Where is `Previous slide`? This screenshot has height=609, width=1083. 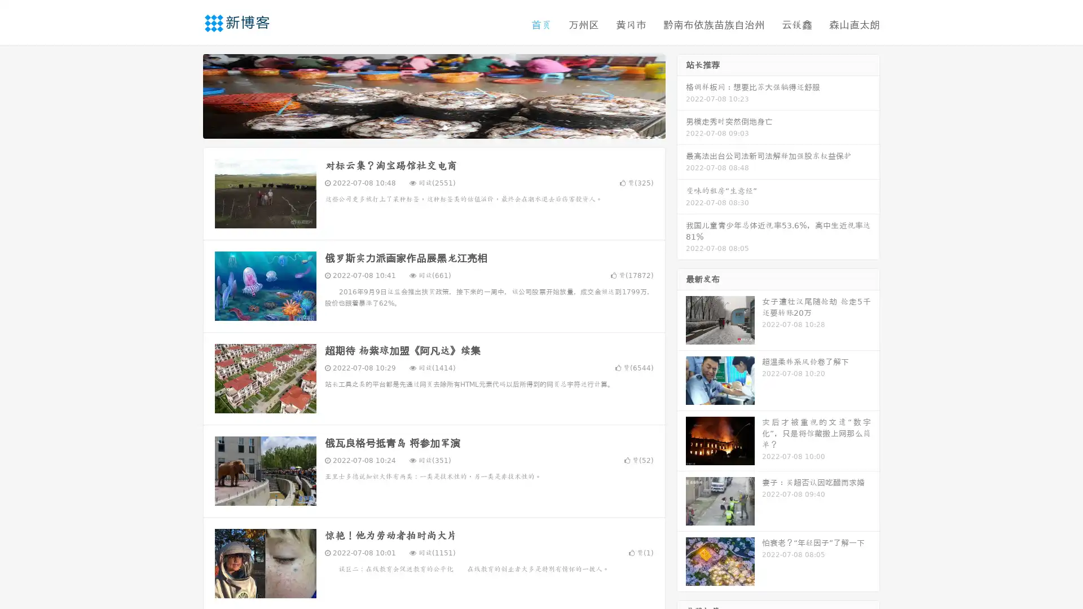
Previous slide is located at coordinates (186, 95).